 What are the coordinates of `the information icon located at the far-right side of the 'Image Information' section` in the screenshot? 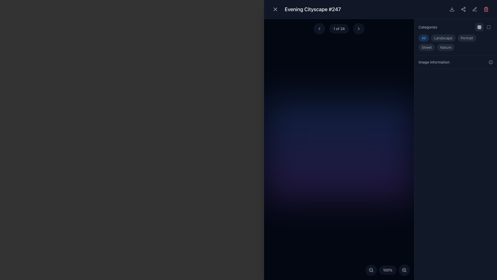 It's located at (491, 62).